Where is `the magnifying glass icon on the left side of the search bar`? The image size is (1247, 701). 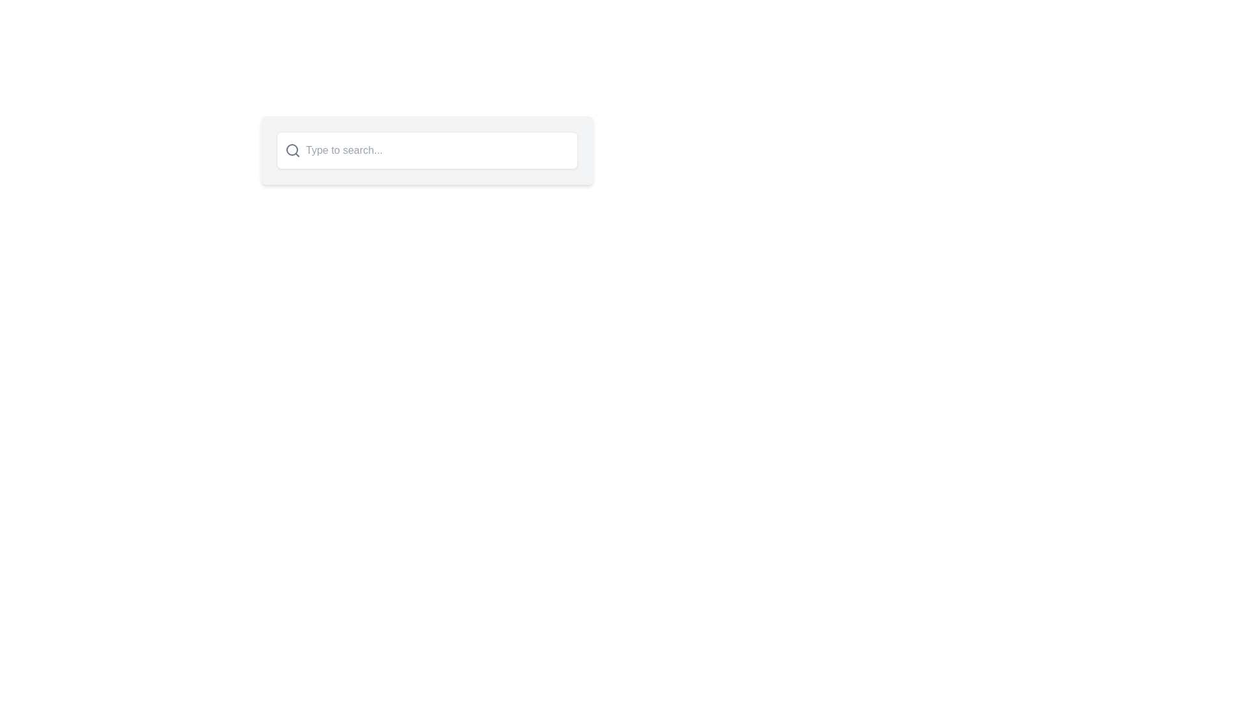 the magnifying glass icon on the left side of the search bar is located at coordinates (292, 149).